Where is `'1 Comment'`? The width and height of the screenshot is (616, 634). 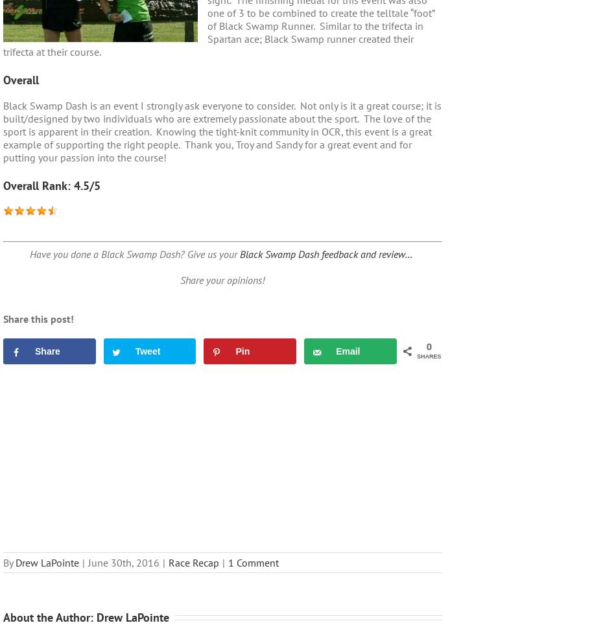
'1 Comment' is located at coordinates (253, 561).